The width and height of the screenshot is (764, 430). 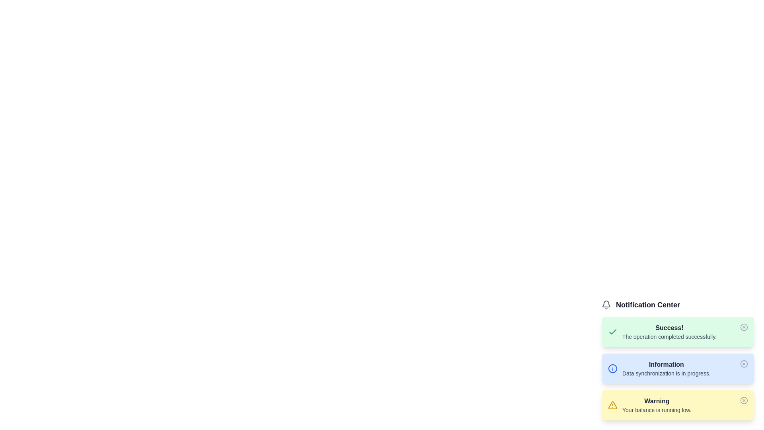 What do you see at coordinates (657, 401) in the screenshot?
I see `the 'Warning' text label, which is bold and dark-colored, located in the notification card titled 'Warning Your balance is running low.'` at bounding box center [657, 401].